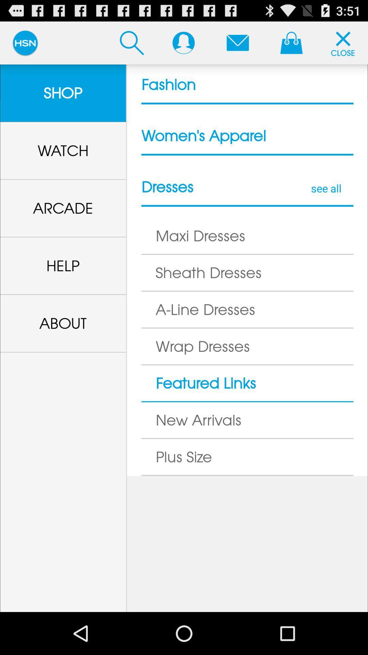 The image size is (368, 655). I want to click on email, so click(237, 42).